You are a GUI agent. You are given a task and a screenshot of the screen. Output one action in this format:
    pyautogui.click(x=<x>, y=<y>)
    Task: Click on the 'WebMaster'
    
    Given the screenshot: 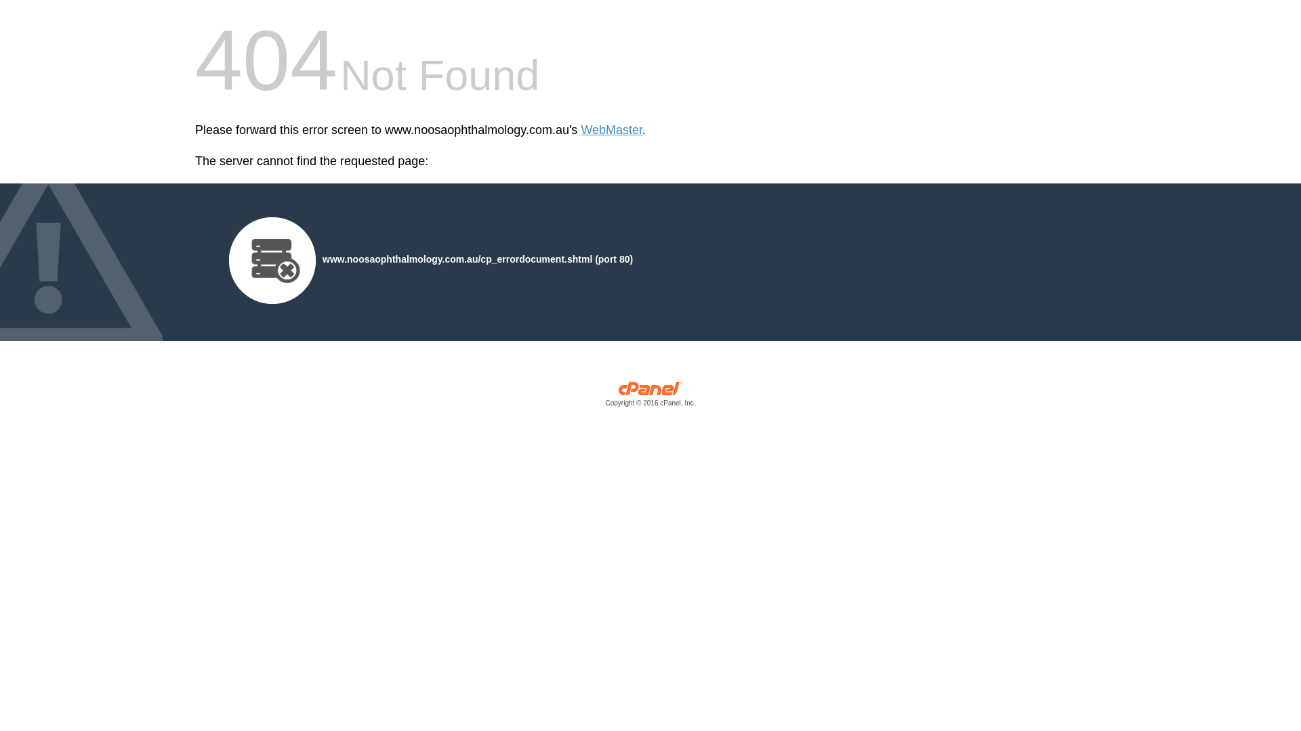 What is the action you would take?
    pyautogui.click(x=611, y=130)
    